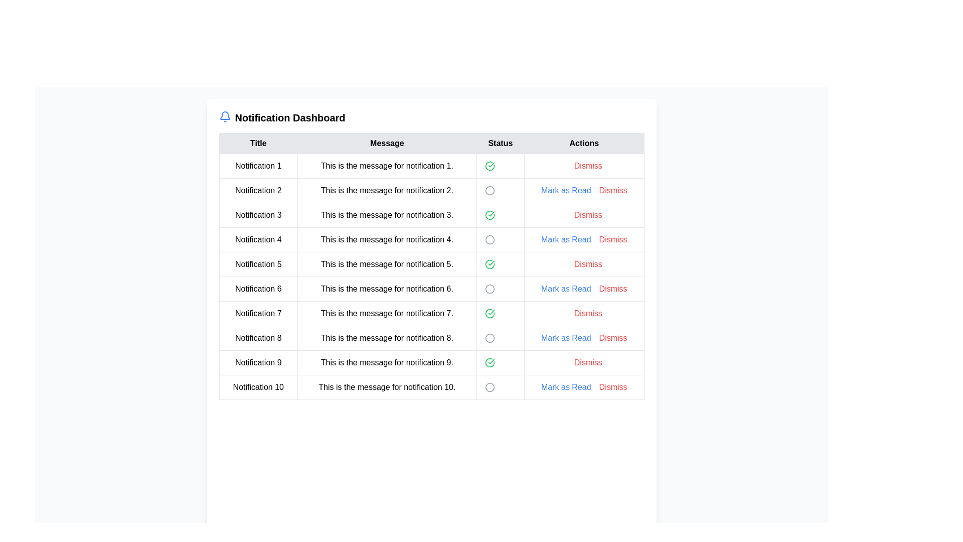 The width and height of the screenshot is (963, 542). What do you see at coordinates (490, 240) in the screenshot?
I see `the circular icon with a thin black outline located in the 'Status' column of the 'Notification 4' row` at bounding box center [490, 240].